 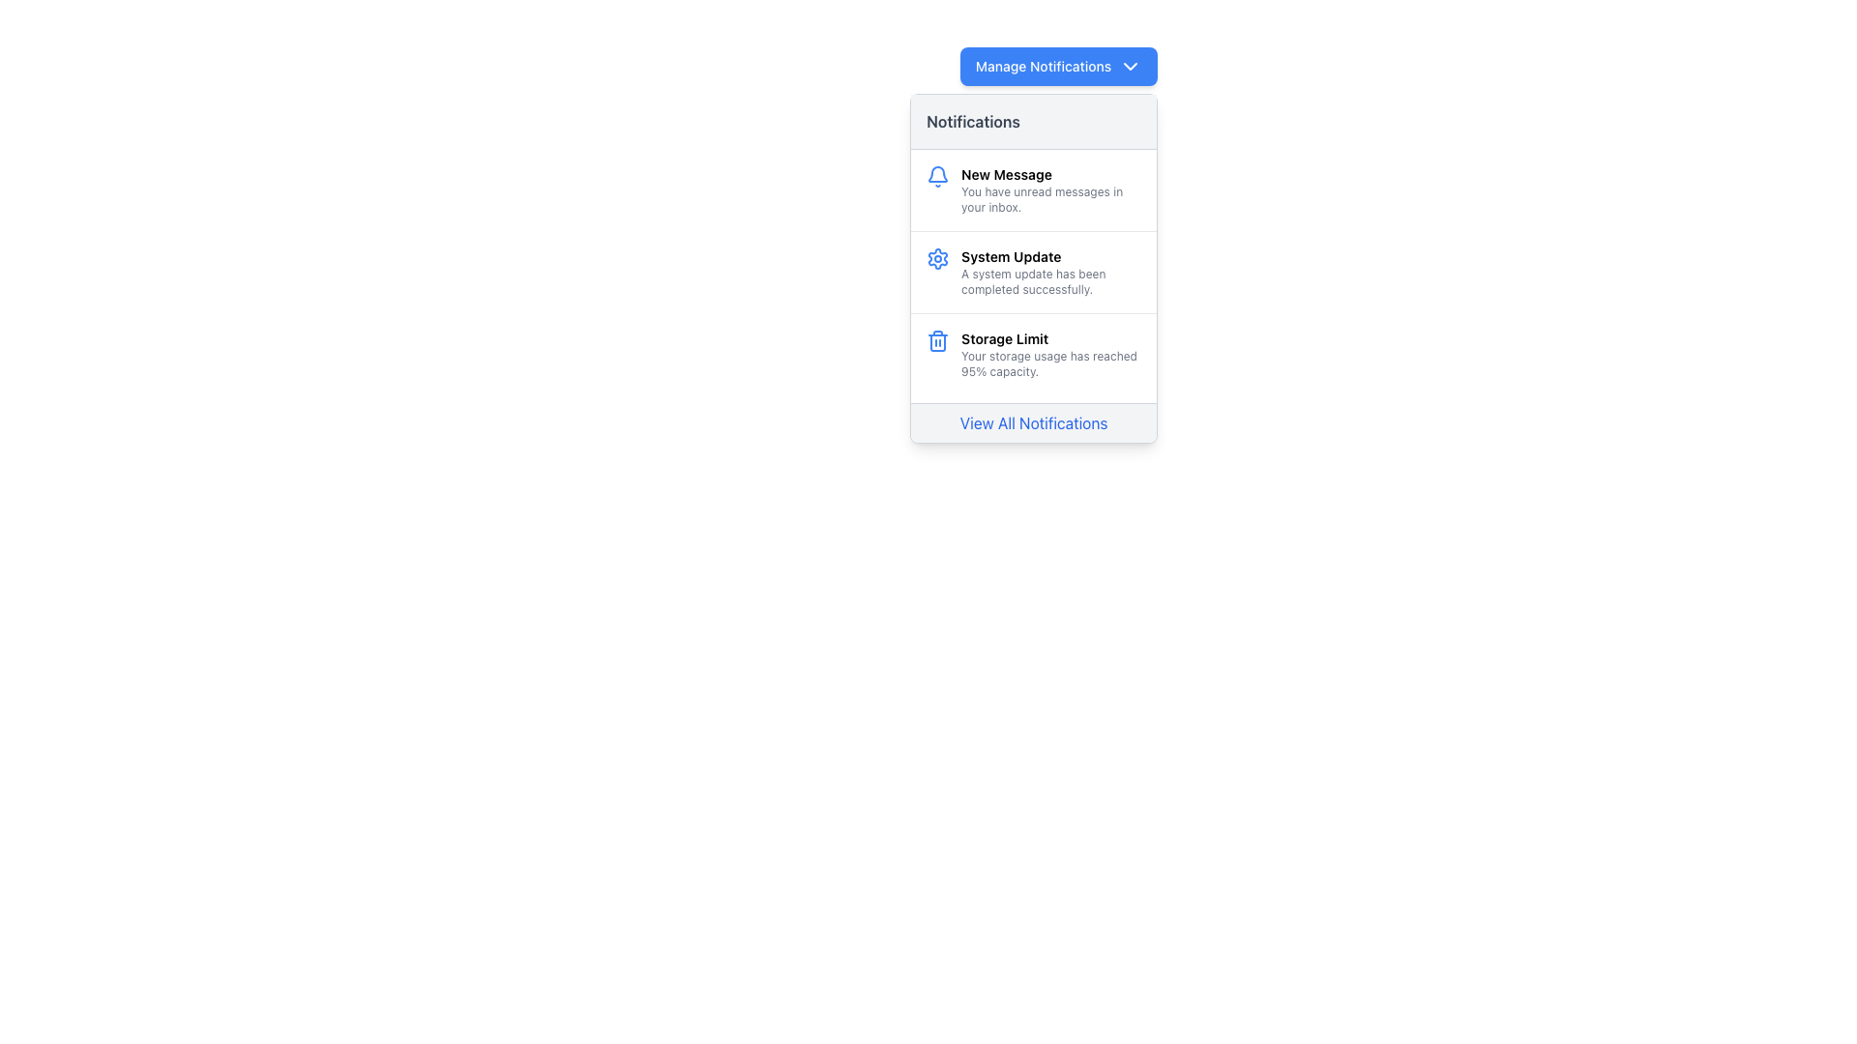 What do you see at coordinates (1033, 421) in the screenshot?
I see `the 'View All Notifications' button with a light gray background and blue text located at the bottom of the notification panel` at bounding box center [1033, 421].